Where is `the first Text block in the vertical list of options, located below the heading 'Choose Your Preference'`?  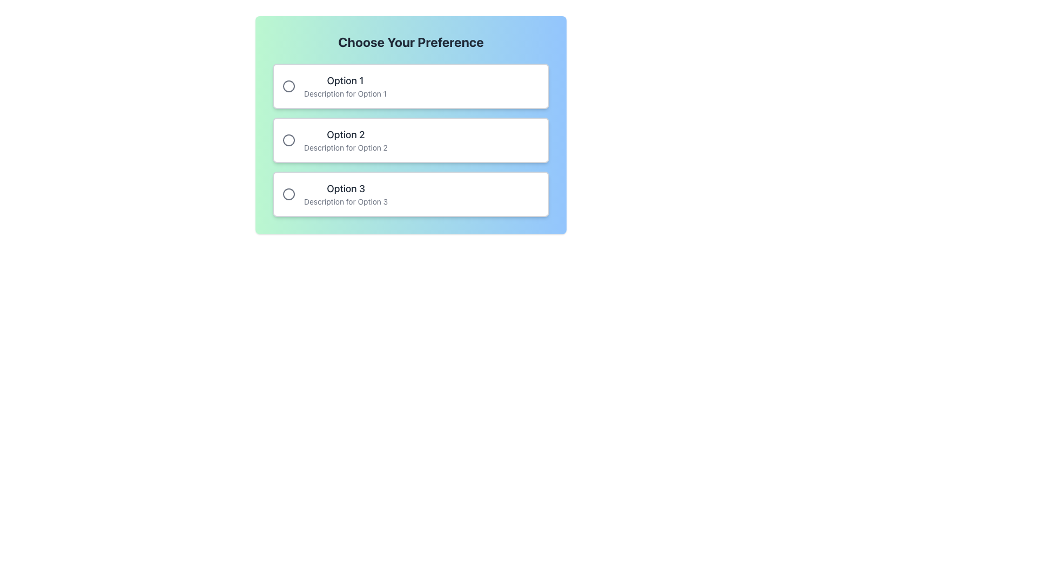
the first Text block in the vertical list of options, located below the heading 'Choose Your Preference' is located at coordinates (345, 85).